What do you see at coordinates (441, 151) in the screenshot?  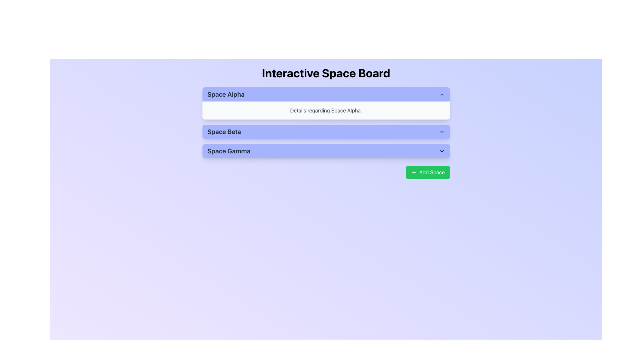 I see `the dropdown toggle icon located to the right of the 'Space Gamma' text` at bounding box center [441, 151].